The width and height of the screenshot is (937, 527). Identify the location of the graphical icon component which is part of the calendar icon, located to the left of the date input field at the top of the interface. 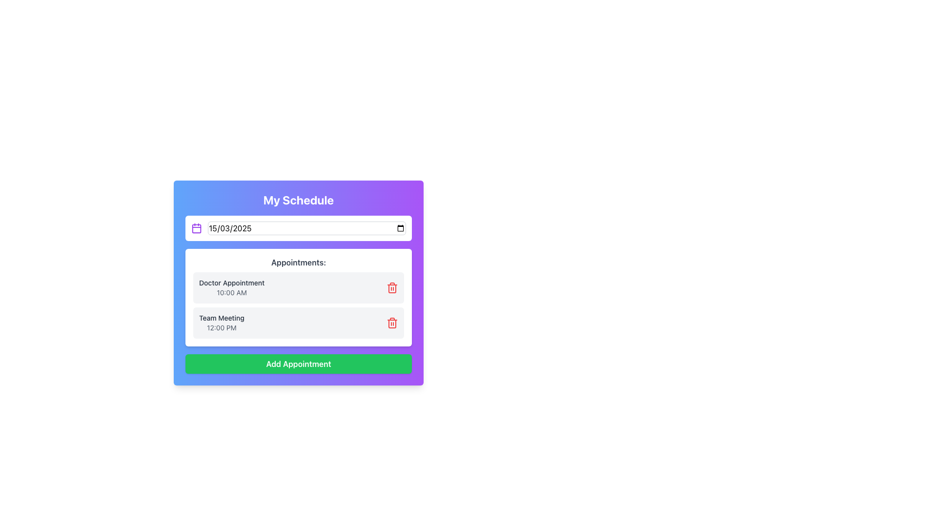
(196, 228).